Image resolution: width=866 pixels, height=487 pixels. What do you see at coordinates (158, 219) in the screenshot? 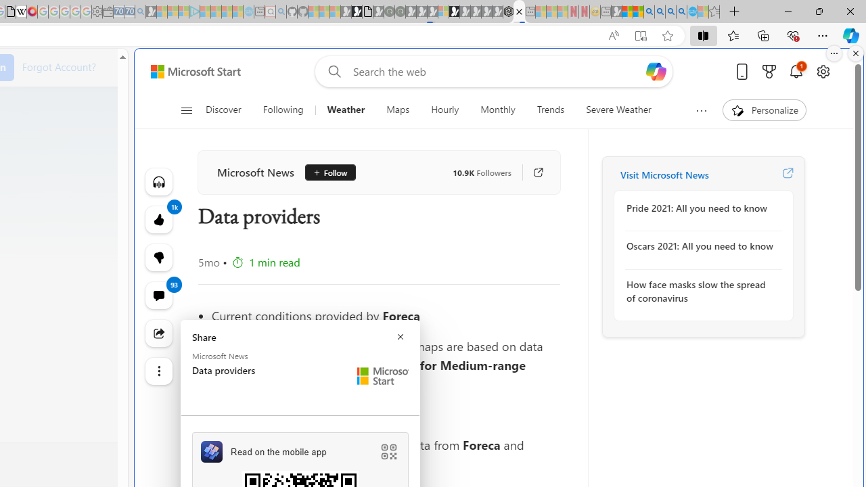
I see `'1k Like'` at bounding box center [158, 219].